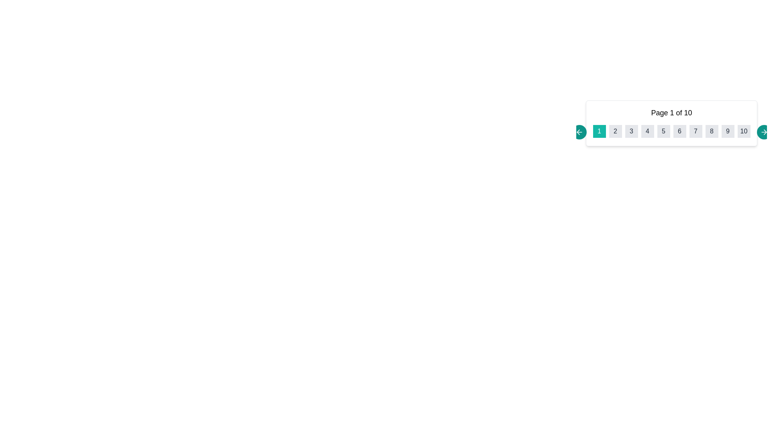 This screenshot has width=771, height=434. Describe the element at coordinates (671, 131) in the screenshot. I see `the current page` at that location.